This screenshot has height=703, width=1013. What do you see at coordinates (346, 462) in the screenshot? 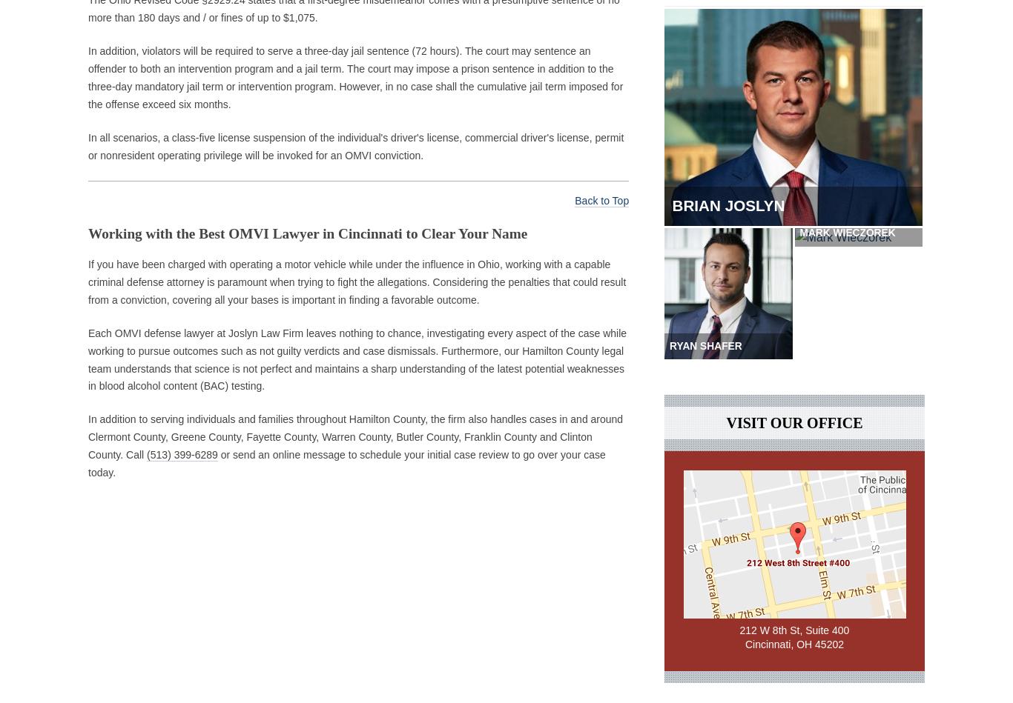
I see `'or send an online message to schedule your initial case review to go over your case today.'` at bounding box center [346, 462].